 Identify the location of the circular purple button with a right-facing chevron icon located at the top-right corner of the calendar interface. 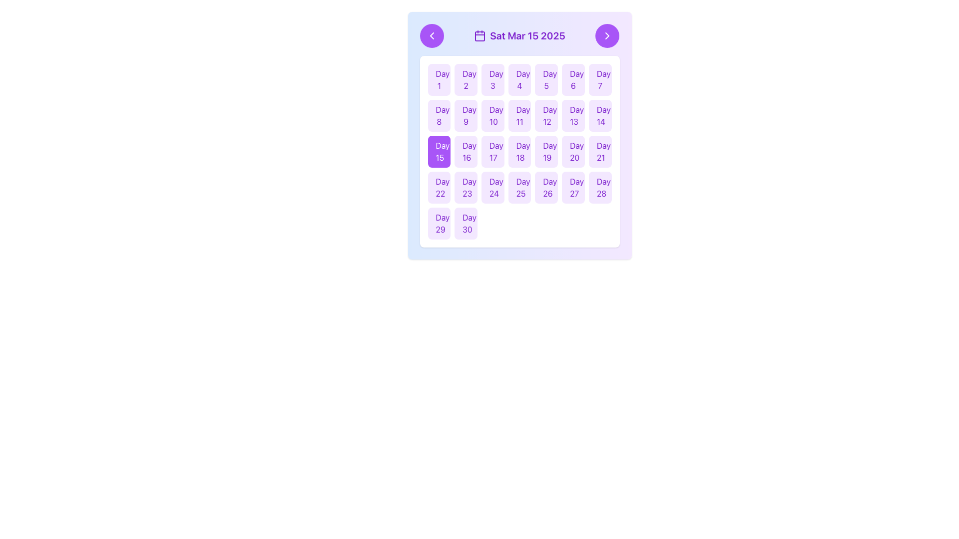
(607, 35).